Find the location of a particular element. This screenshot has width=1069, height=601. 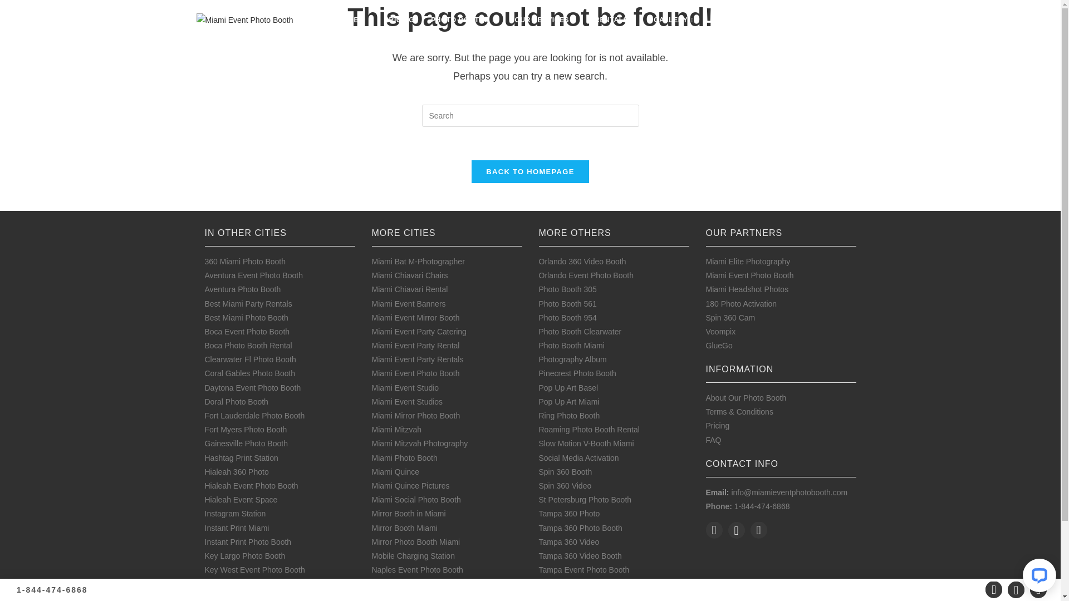

'Miami Event Mirror Booth' is located at coordinates (415, 317).